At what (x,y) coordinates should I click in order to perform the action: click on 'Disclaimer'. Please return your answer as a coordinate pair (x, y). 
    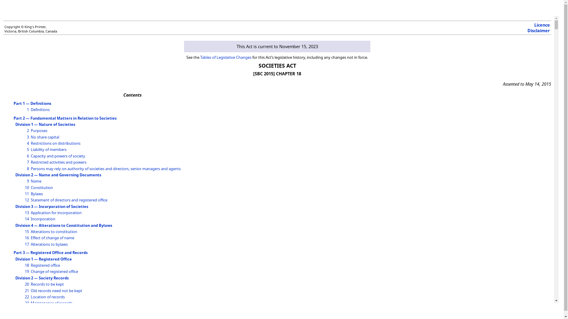
    Looking at the image, I should click on (538, 30).